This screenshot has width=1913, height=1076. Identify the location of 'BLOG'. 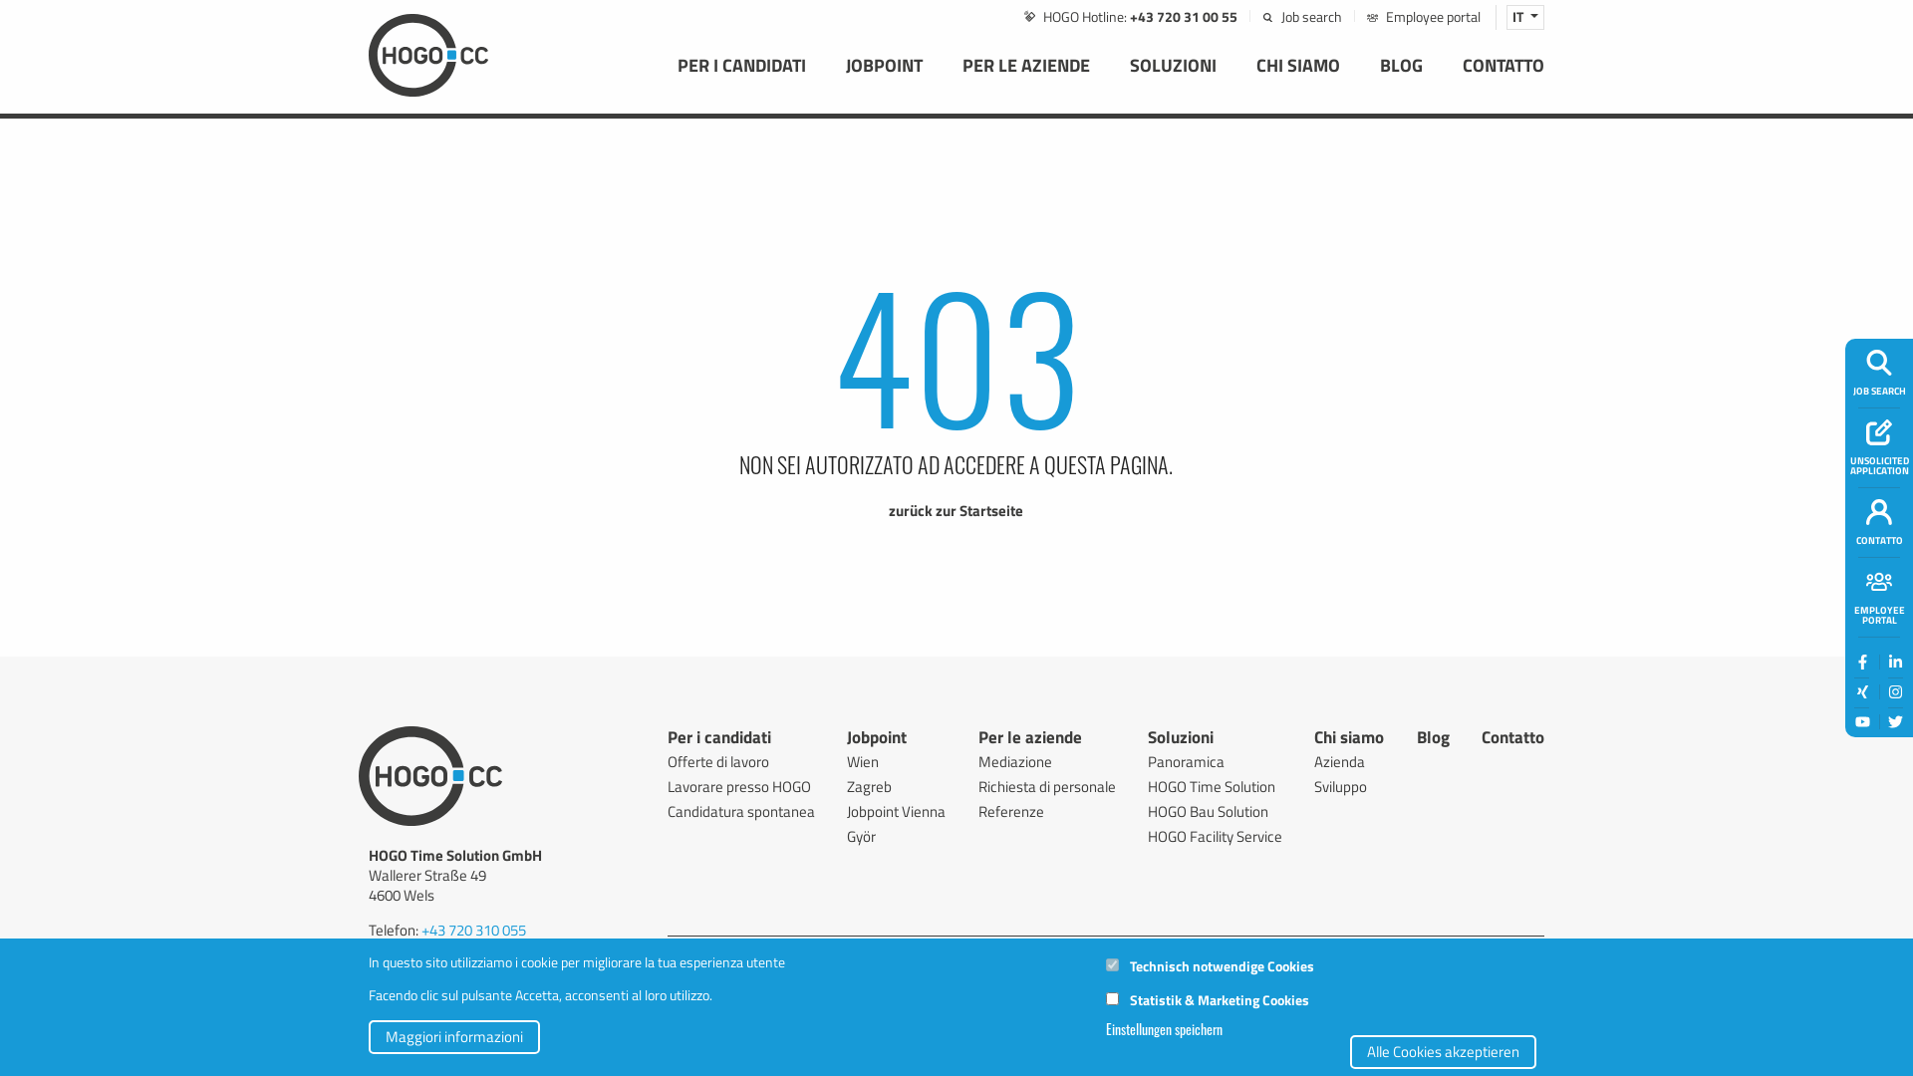
(1358, 78).